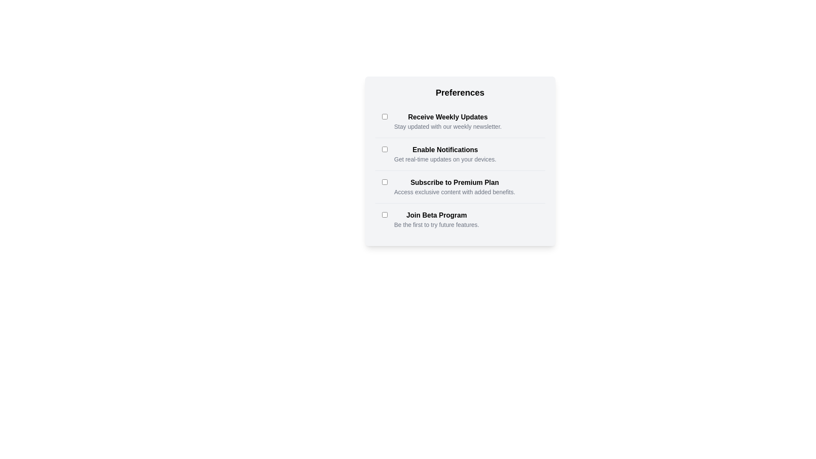 This screenshot has width=816, height=459. What do you see at coordinates (436, 215) in the screenshot?
I see `the label associated with the checkbox to toggle its state. The label text is Join Beta Program` at bounding box center [436, 215].